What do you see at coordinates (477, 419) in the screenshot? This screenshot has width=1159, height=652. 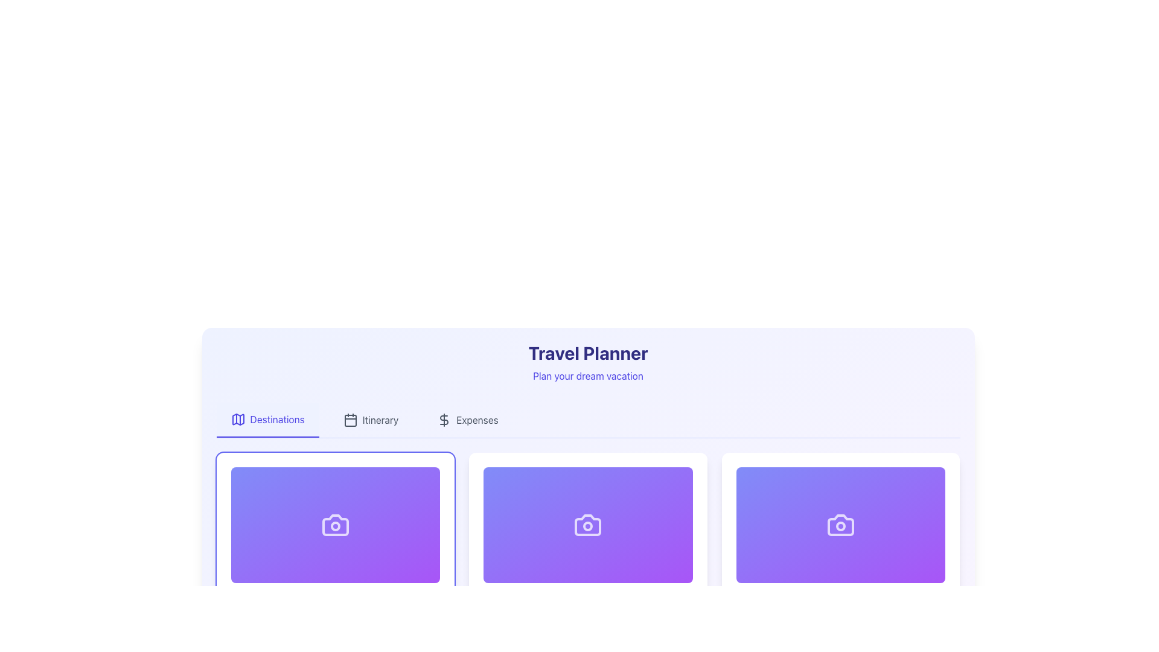 I see `the text label 'Expenses' in the navigation menu` at bounding box center [477, 419].